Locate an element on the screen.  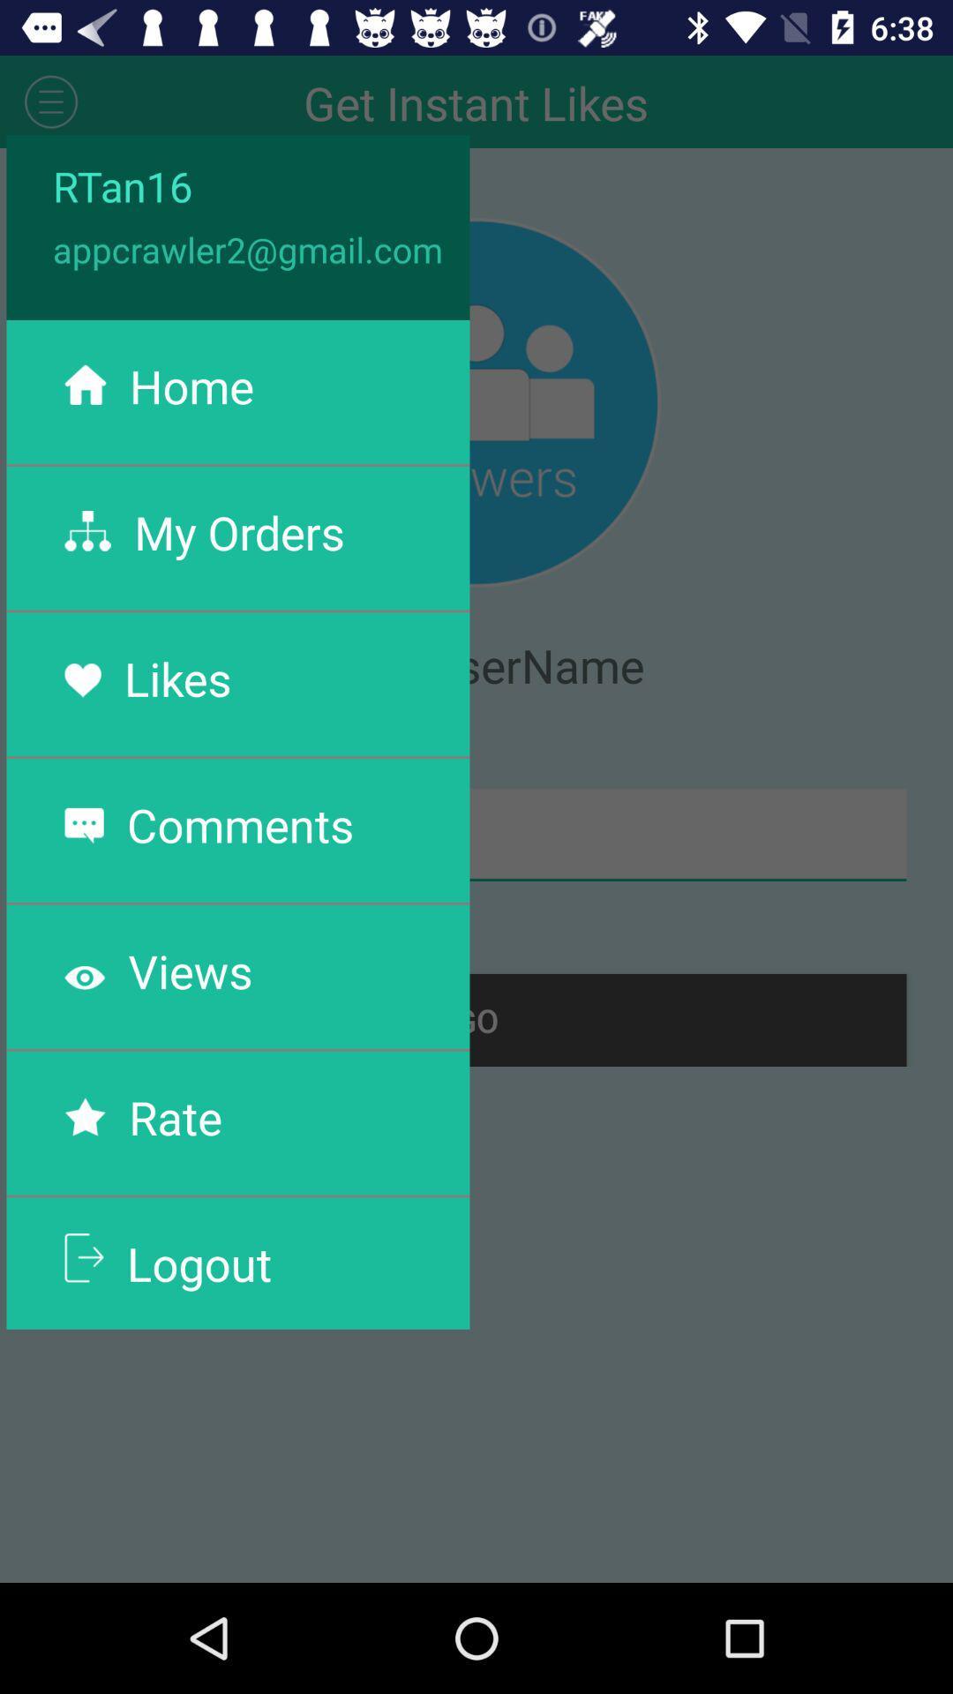
the comments app is located at coordinates (240, 823).